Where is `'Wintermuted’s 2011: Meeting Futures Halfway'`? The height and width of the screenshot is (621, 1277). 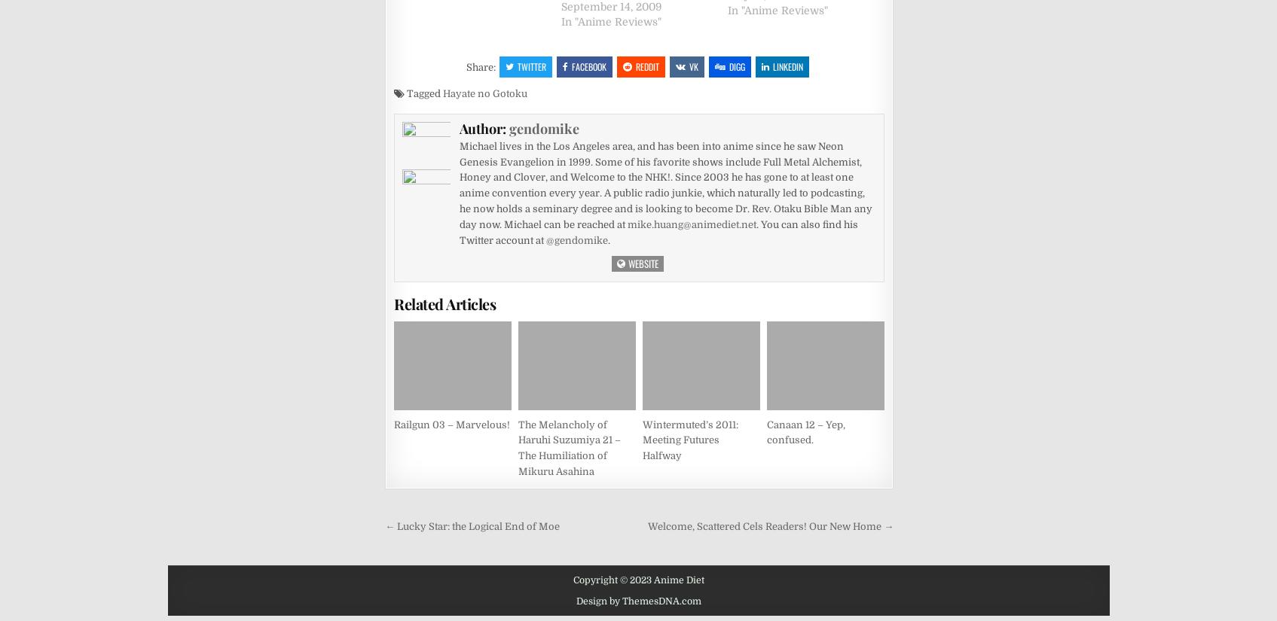
'Wintermuted’s 2011: Meeting Futures Halfway' is located at coordinates (690, 439).